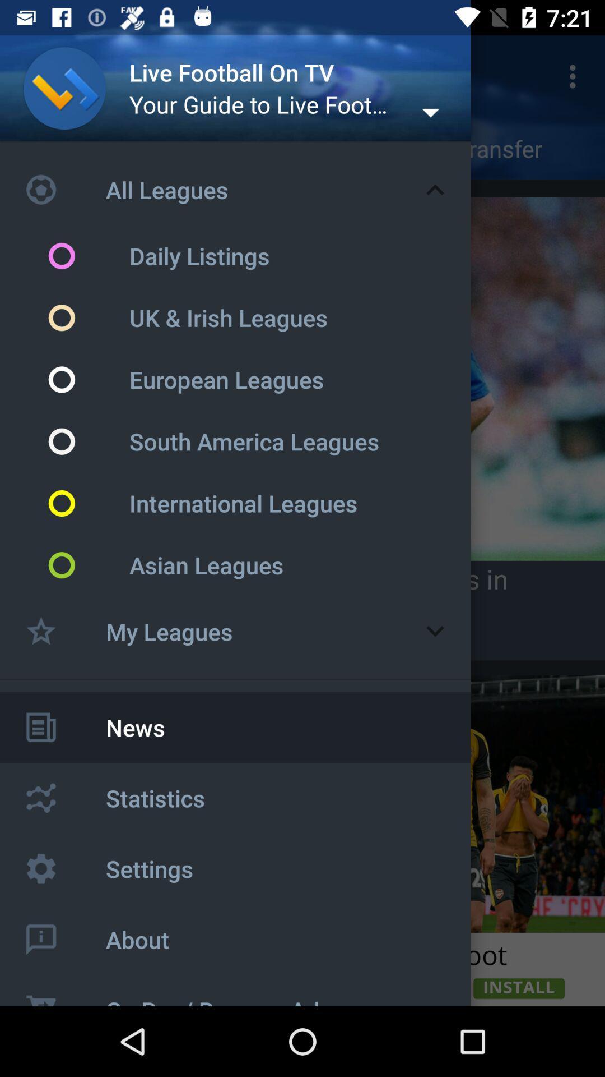 The image size is (605, 1077). What do you see at coordinates (87, 441) in the screenshot?
I see `the check box of south america leagues` at bounding box center [87, 441].